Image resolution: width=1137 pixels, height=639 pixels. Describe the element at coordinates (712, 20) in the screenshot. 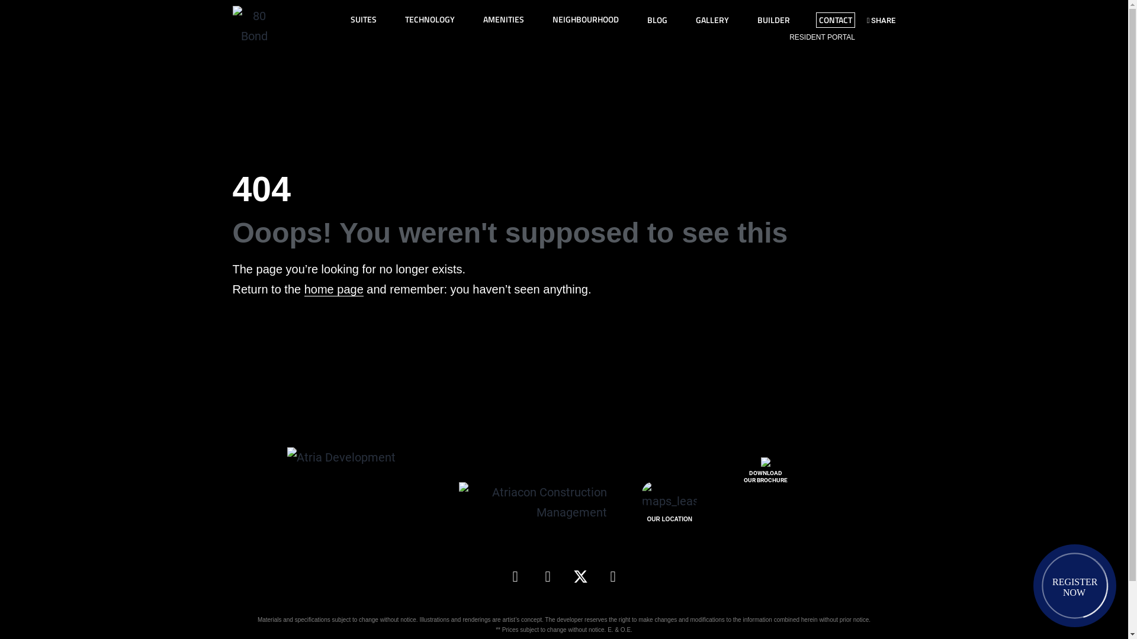

I see `'GALLERY'` at that location.